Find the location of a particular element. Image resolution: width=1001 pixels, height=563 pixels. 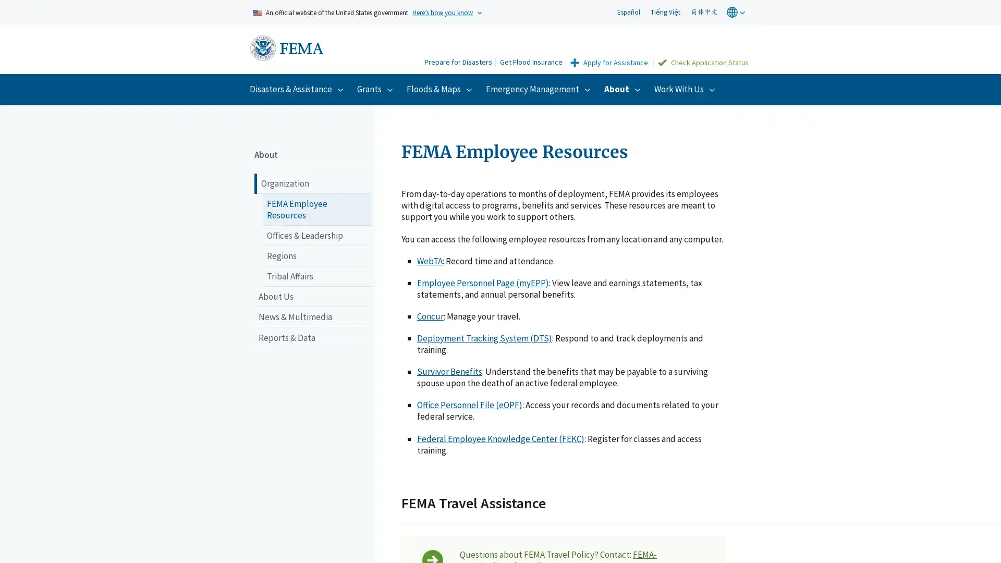

Disasters & Assistance is located at coordinates (297, 88).